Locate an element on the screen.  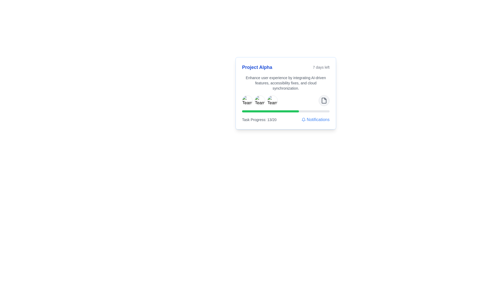
the circular button icon located at the bottom-right corner of the 'Project Alpha' card is located at coordinates (324, 101).